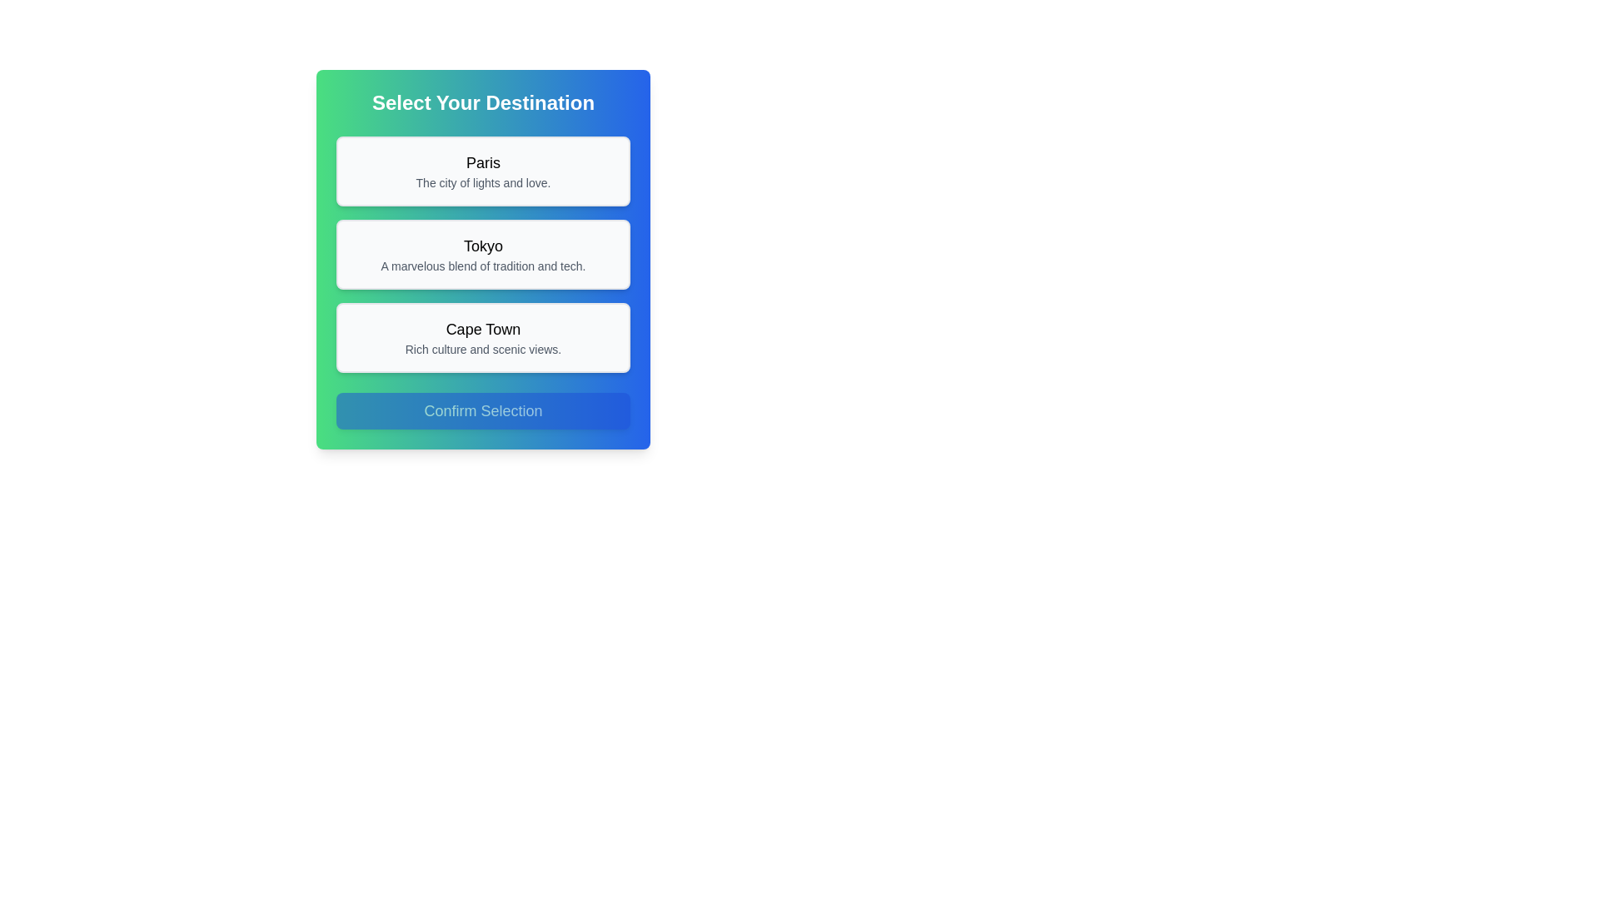 This screenshot has width=1599, height=899. I want to click on the informative text element that provides additional descriptive information about the option 'Tokyo', which is positioned below the main text 'Tokyo', so click(482, 266).